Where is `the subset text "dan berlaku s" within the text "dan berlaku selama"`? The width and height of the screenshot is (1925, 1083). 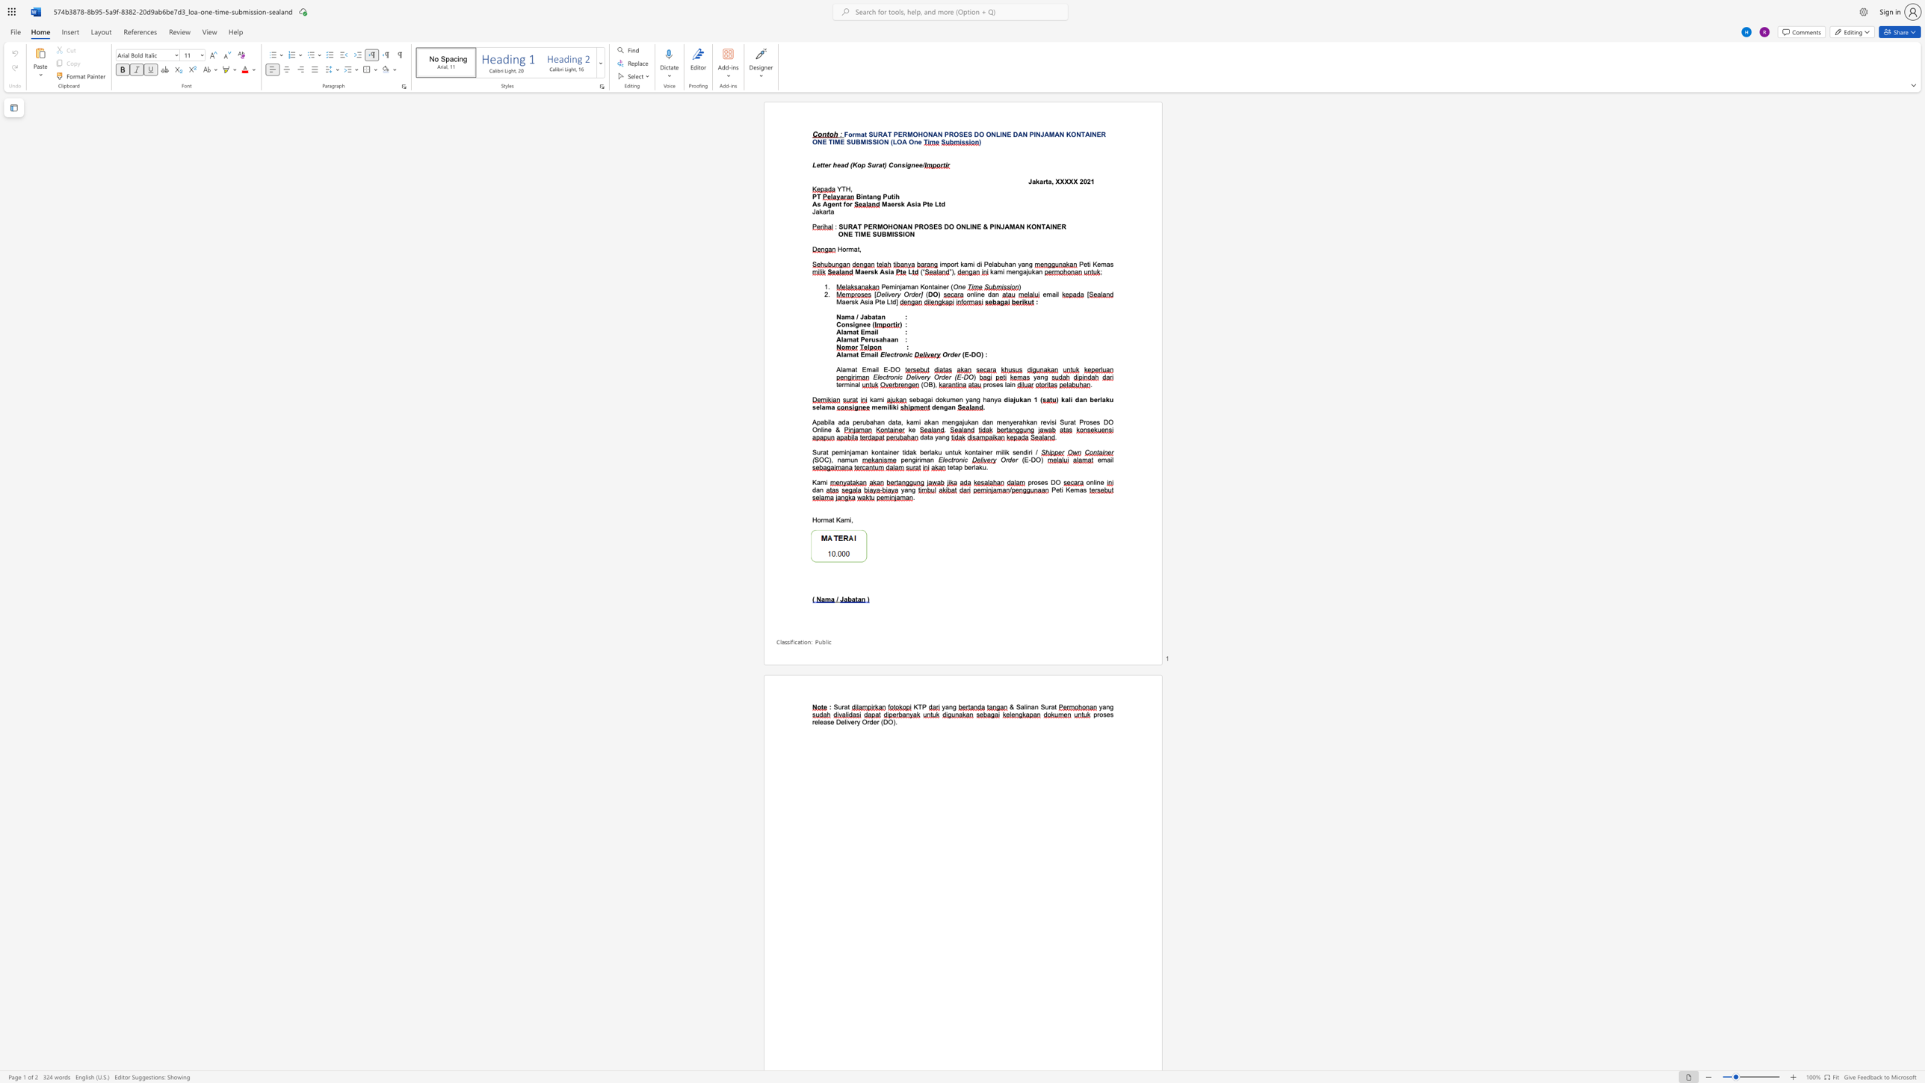 the subset text "dan berlaku s" within the text "dan berlaku selama" is located at coordinates (1075, 399).